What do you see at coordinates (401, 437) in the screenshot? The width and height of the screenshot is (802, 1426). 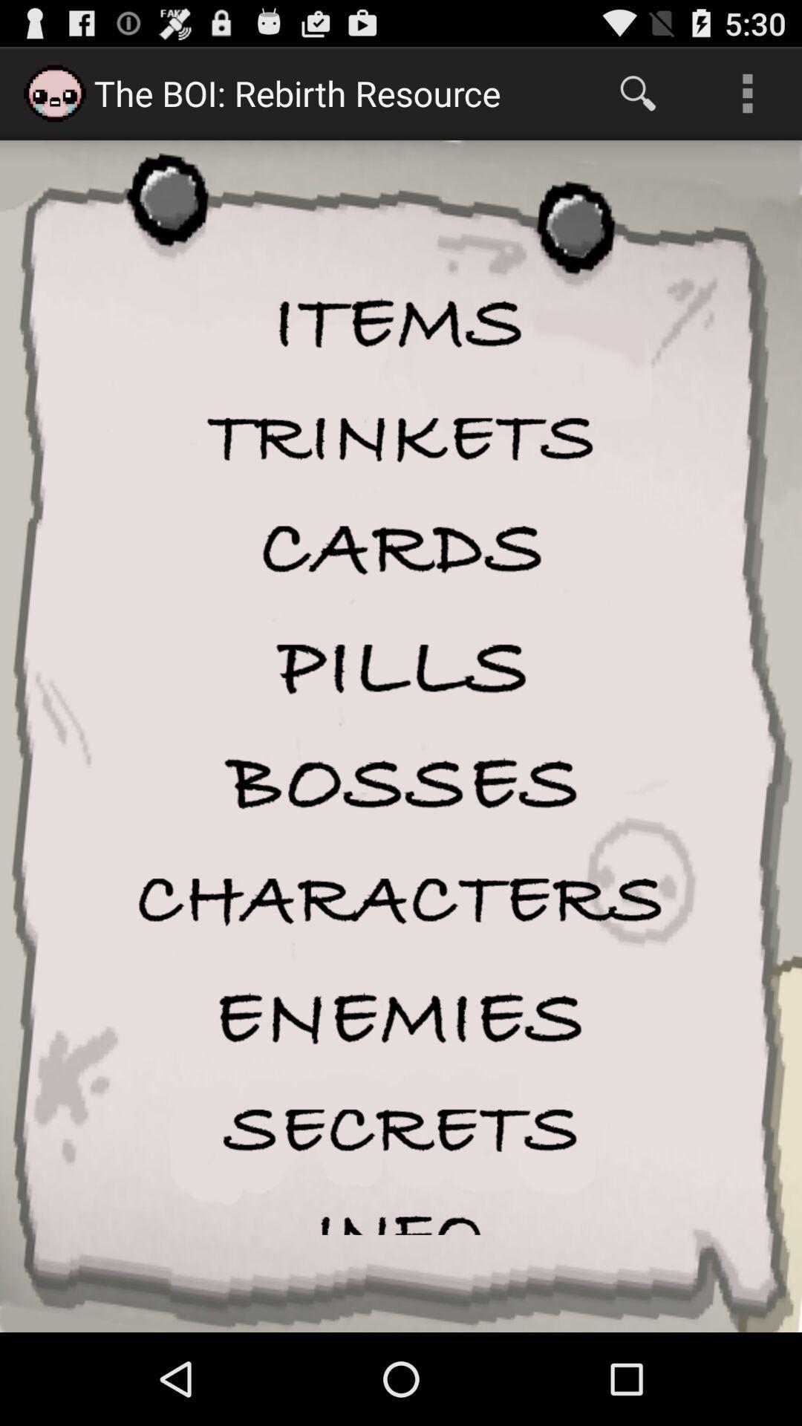 I see `one of the items listed` at bounding box center [401, 437].